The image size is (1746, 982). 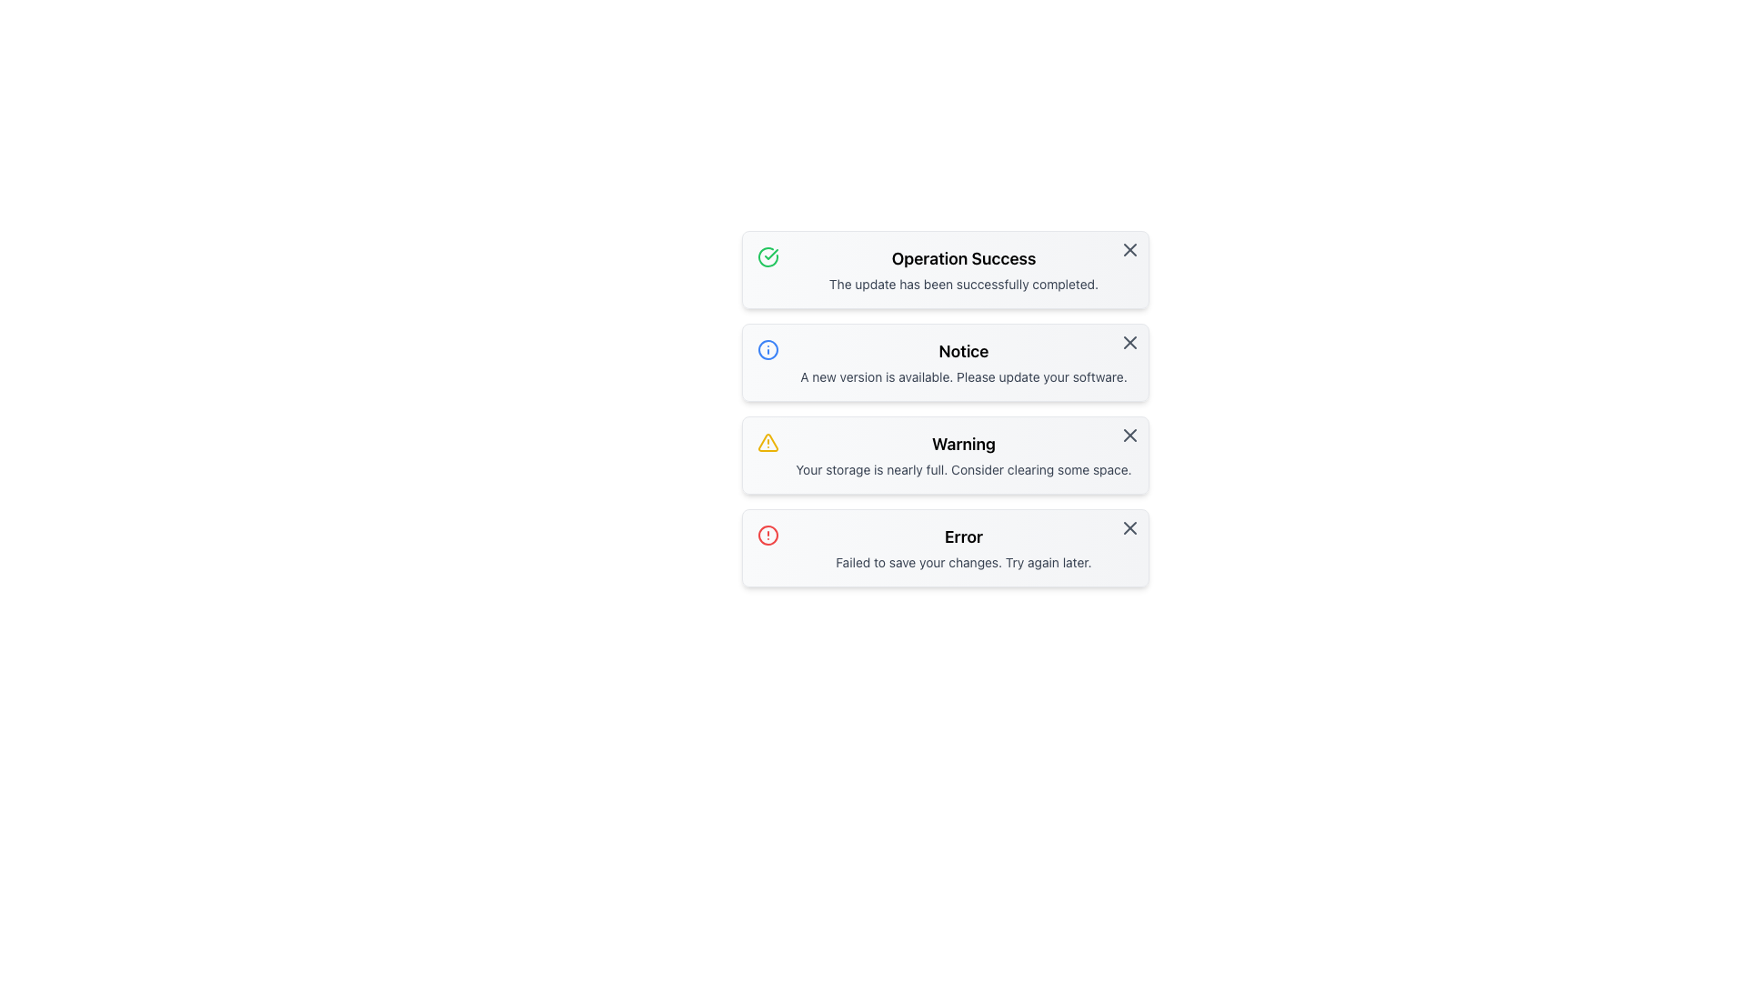 What do you see at coordinates (1129, 343) in the screenshot?
I see `the close button located at the top-right corner of the 'Notice' card` at bounding box center [1129, 343].